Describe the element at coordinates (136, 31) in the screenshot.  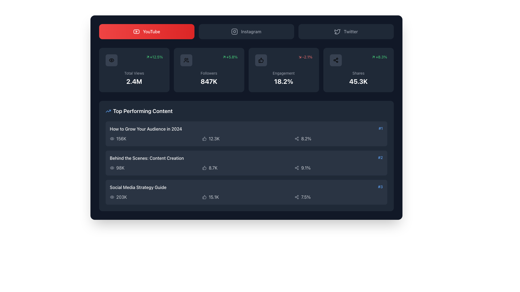
I see `the vector graphic element that forms the background shape of the YouTube icon, which is a stretched rectangle with rounded ends, located within the red button labeled 'YouTube' in the top-left region of the interface` at that location.